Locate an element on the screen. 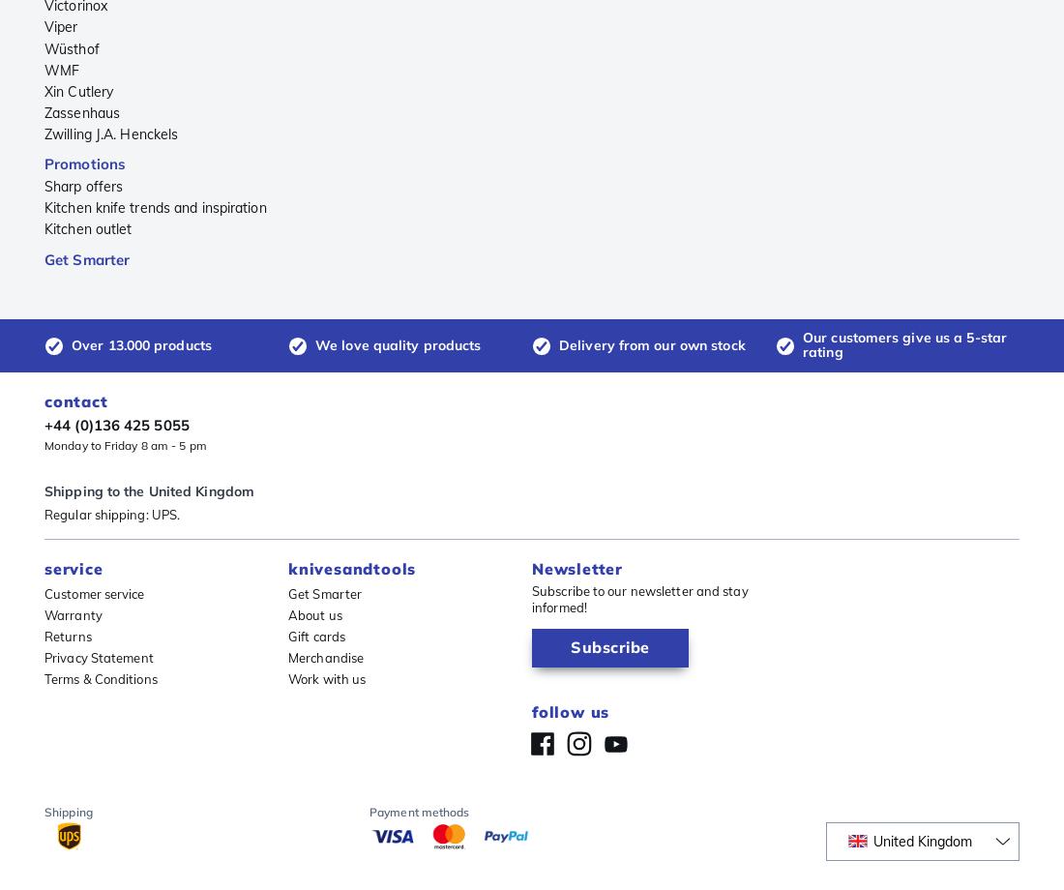 This screenshot has width=1064, height=890. 'Xin Cutlery' is located at coordinates (78, 91).